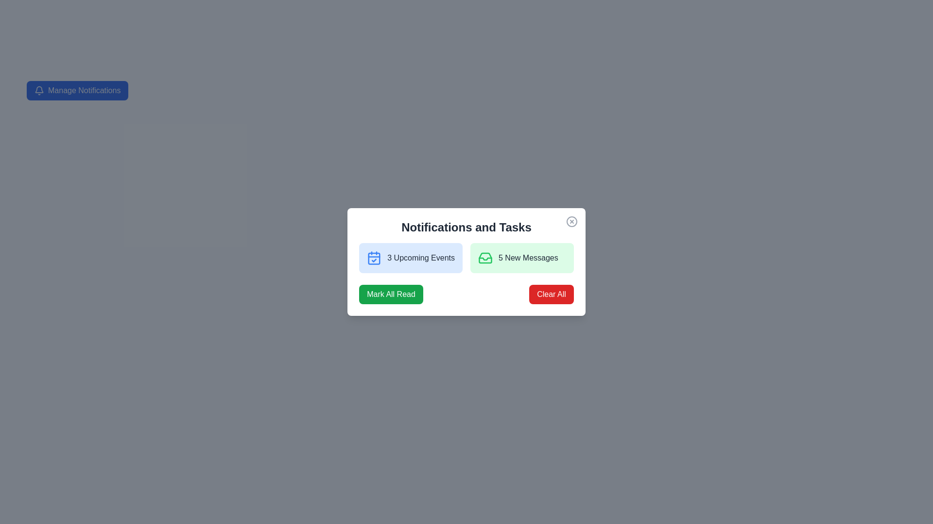 This screenshot has height=524, width=933. Describe the element at coordinates (391, 294) in the screenshot. I see `the green button labeled 'Mark All Read' located in the bottom-left corner of the 'Notifications and Tasks' dialog to prepare for interaction` at that location.